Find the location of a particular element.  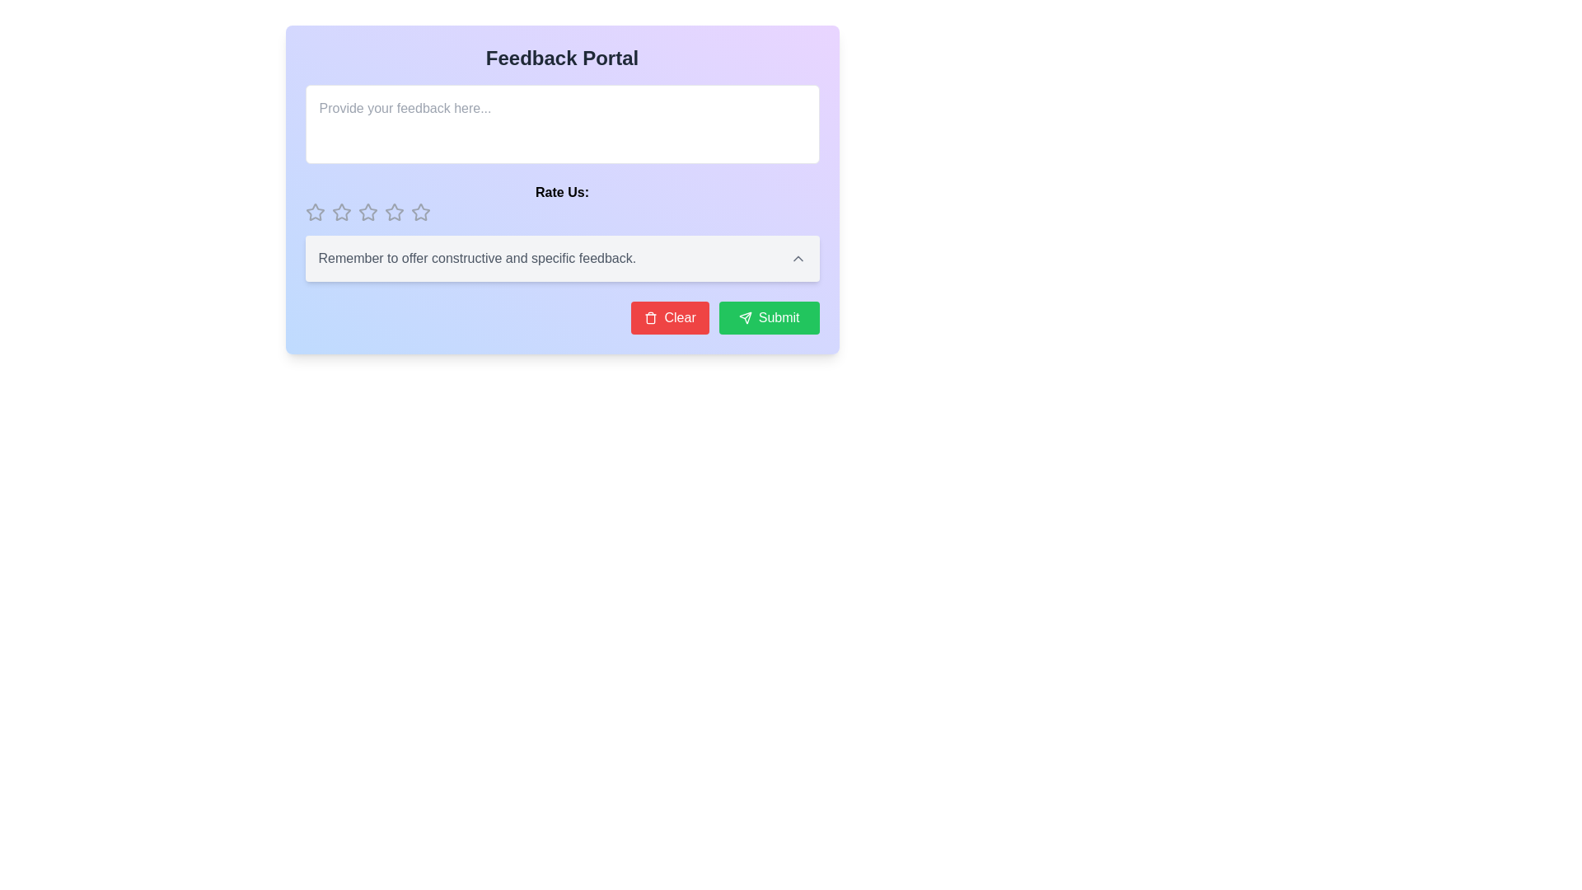

the second star icon in the five-star rating system located below the 'Rate Us' label in the feedback form UI is located at coordinates (367, 211).